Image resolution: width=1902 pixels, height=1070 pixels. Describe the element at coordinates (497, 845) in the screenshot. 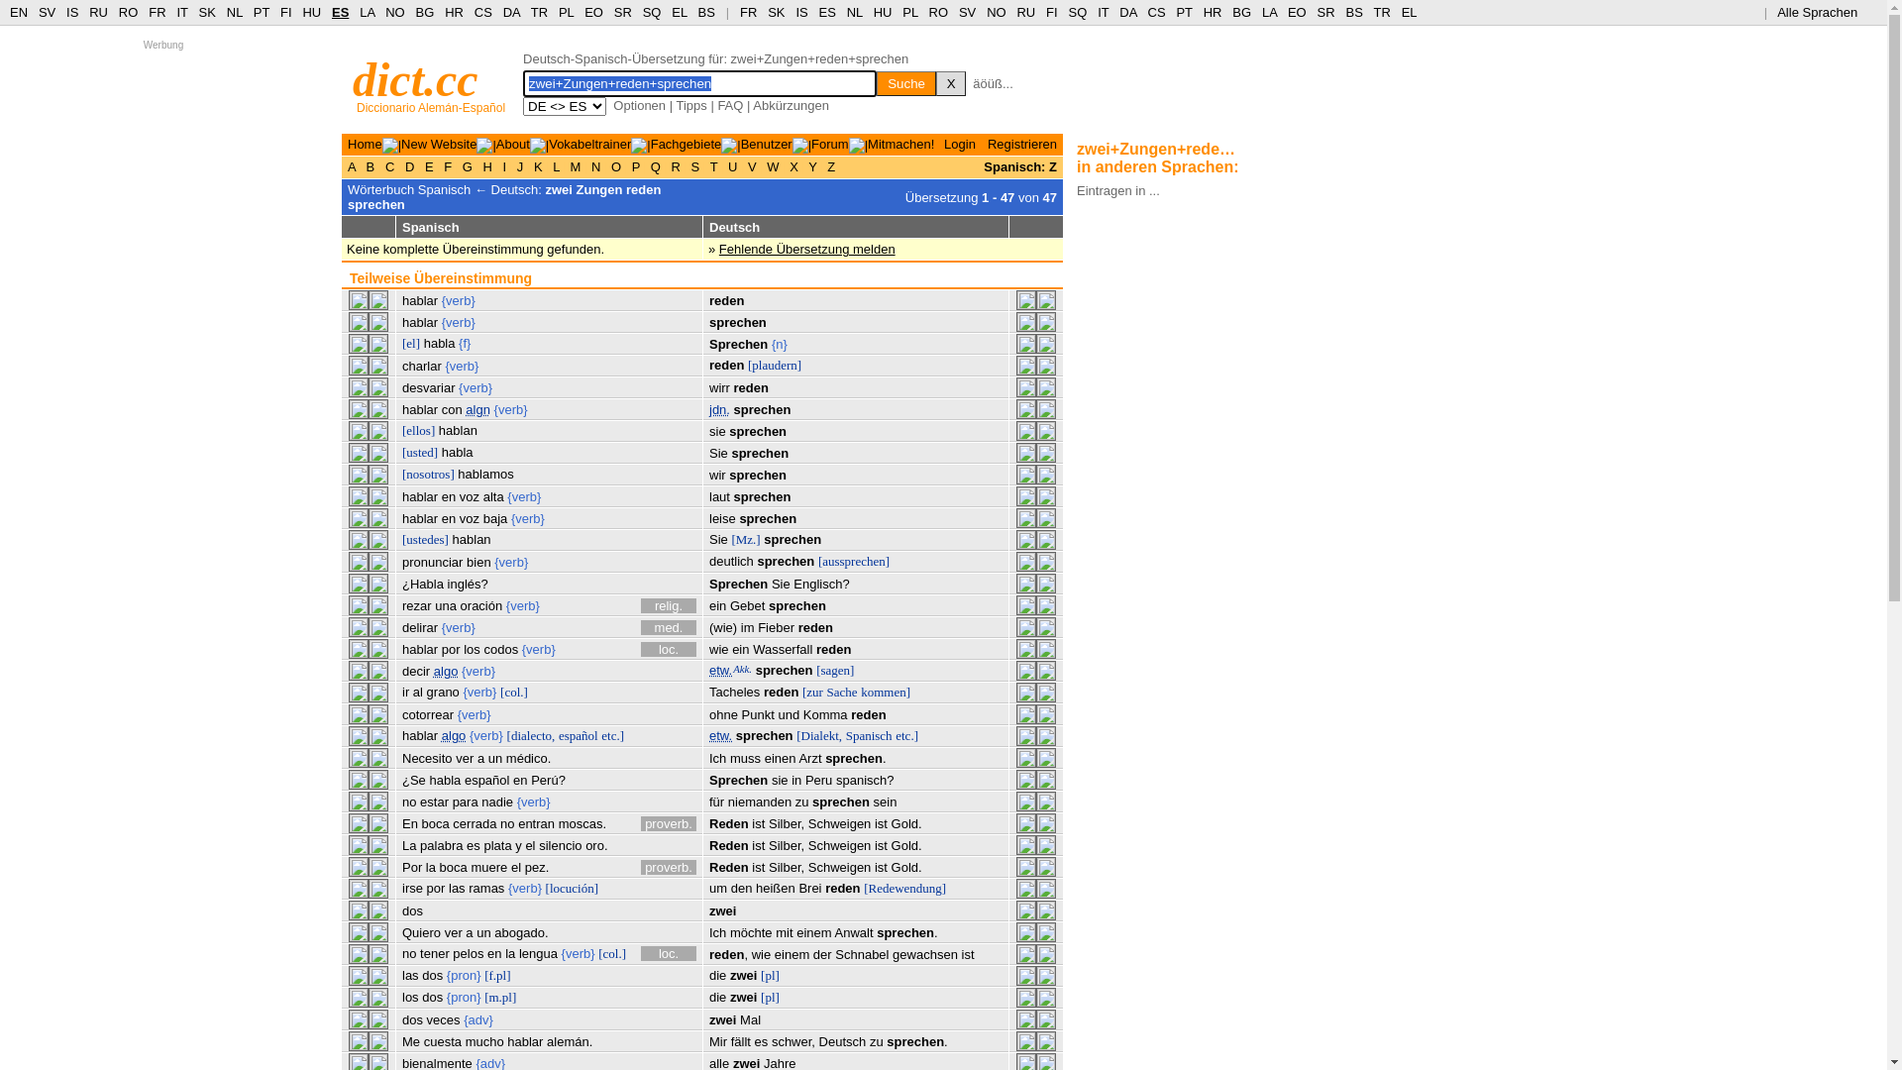

I see `'plata'` at that location.